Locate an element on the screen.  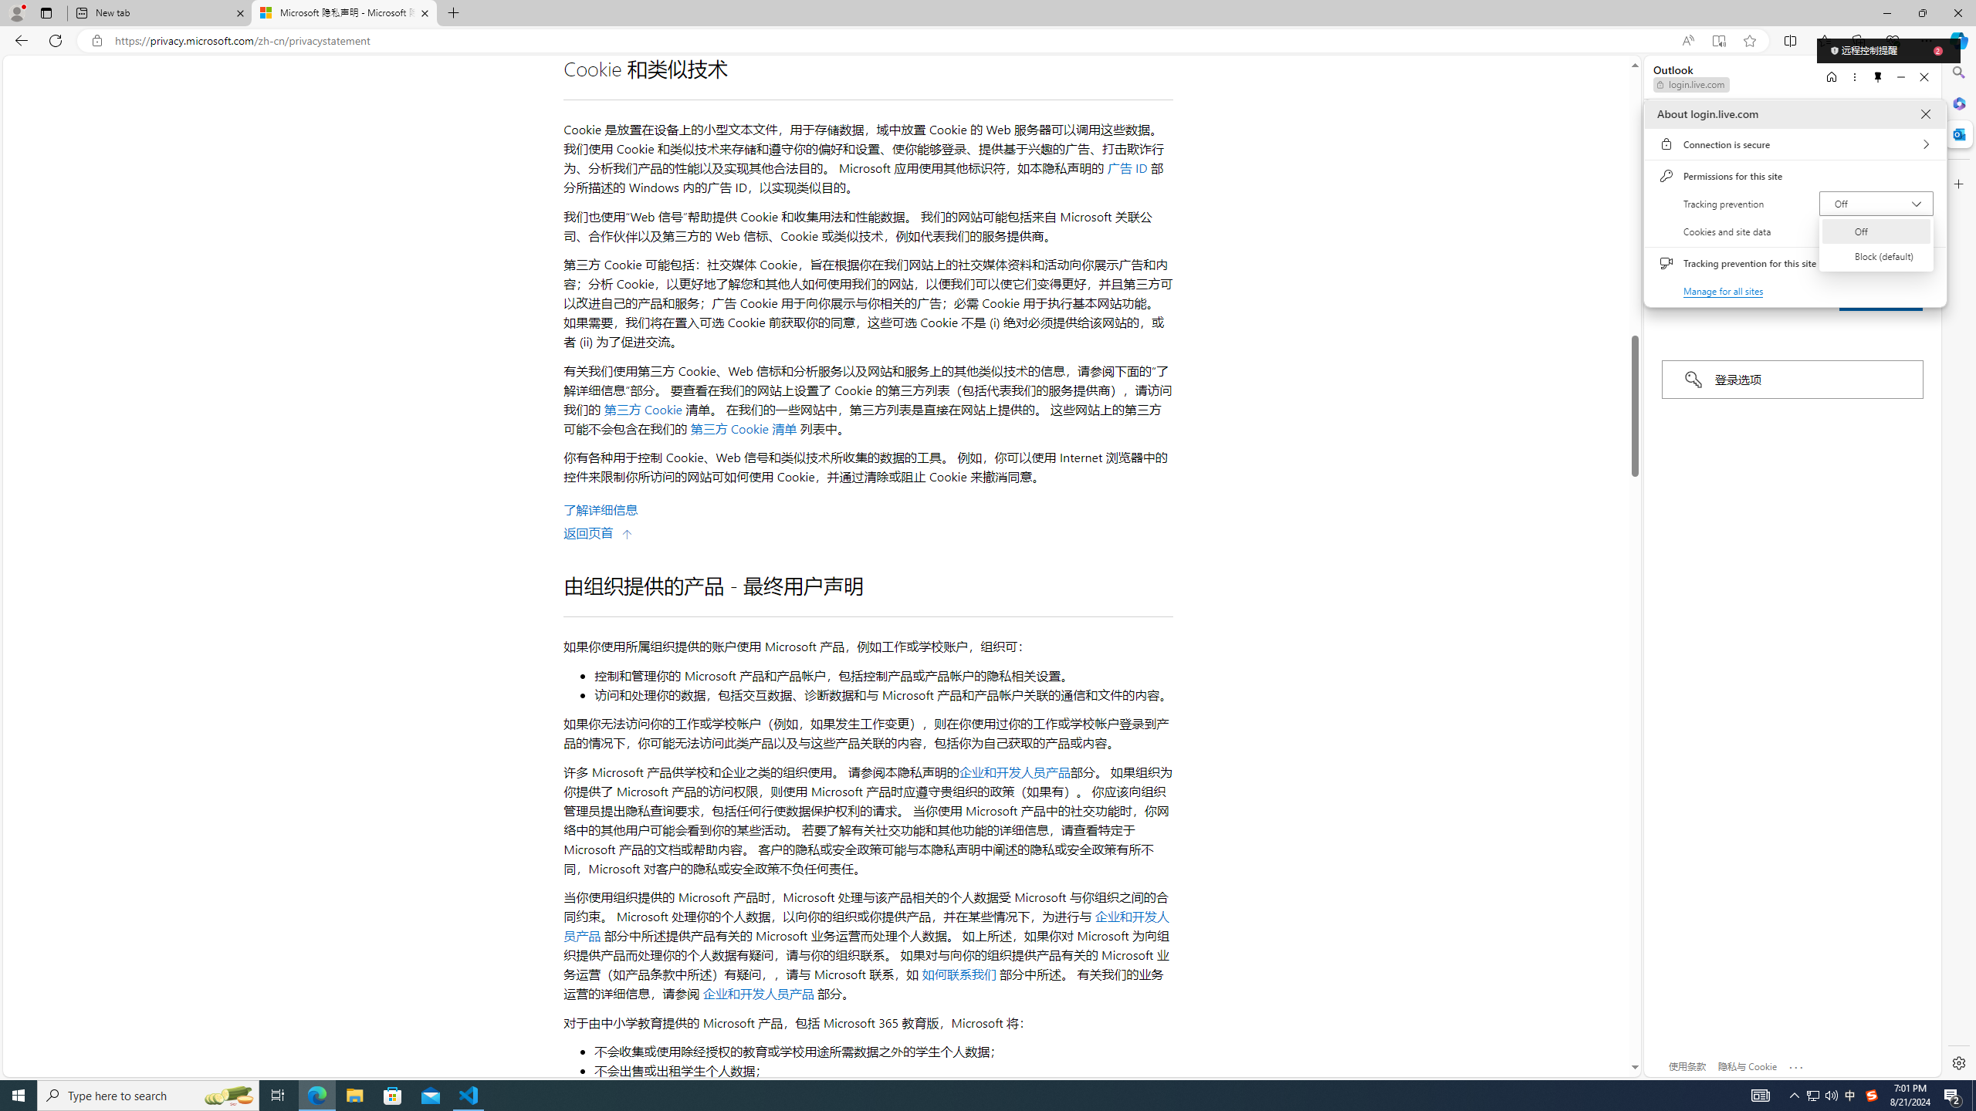
'Manage for all sites' is located at coordinates (1724, 290).